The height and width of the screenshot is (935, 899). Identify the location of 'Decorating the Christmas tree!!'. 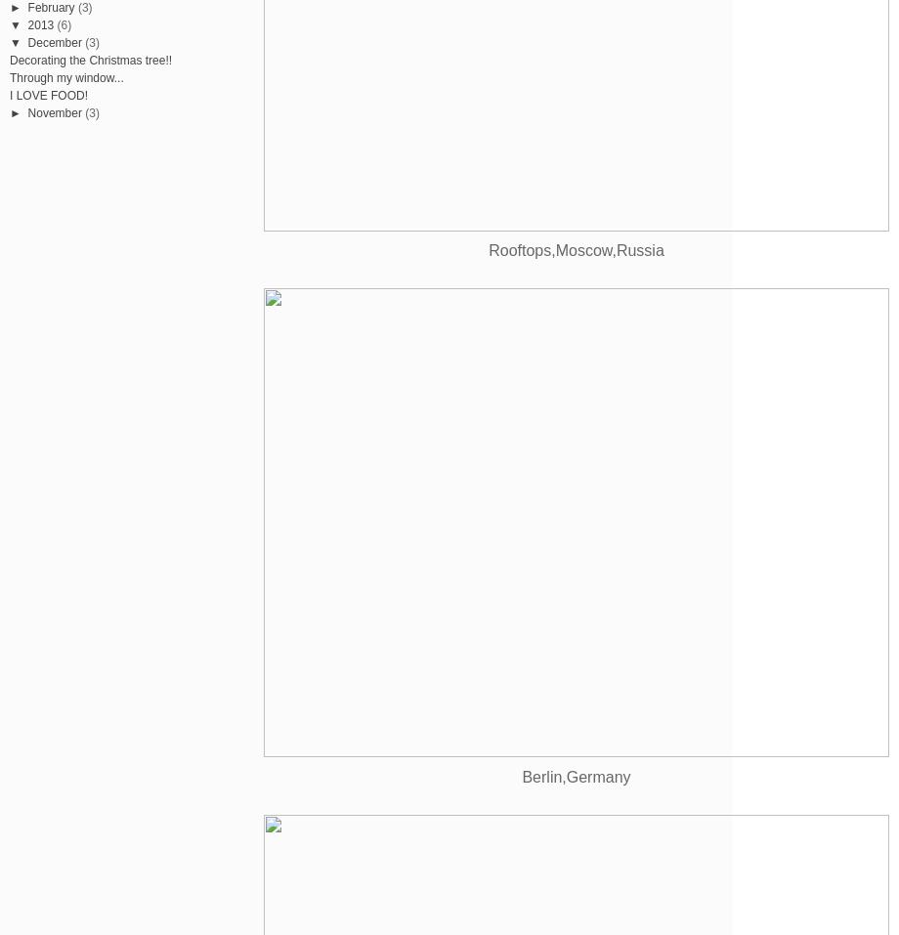
(91, 58).